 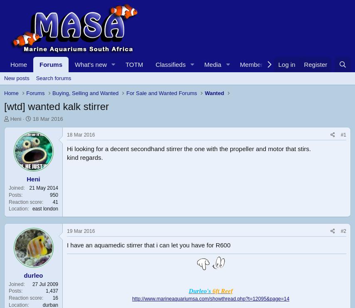 What do you see at coordinates (67, 149) in the screenshot?
I see `'Hi looking for a decent secondhand stirrer the one with the propeller and motor that stirs.'` at bounding box center [67, 149].